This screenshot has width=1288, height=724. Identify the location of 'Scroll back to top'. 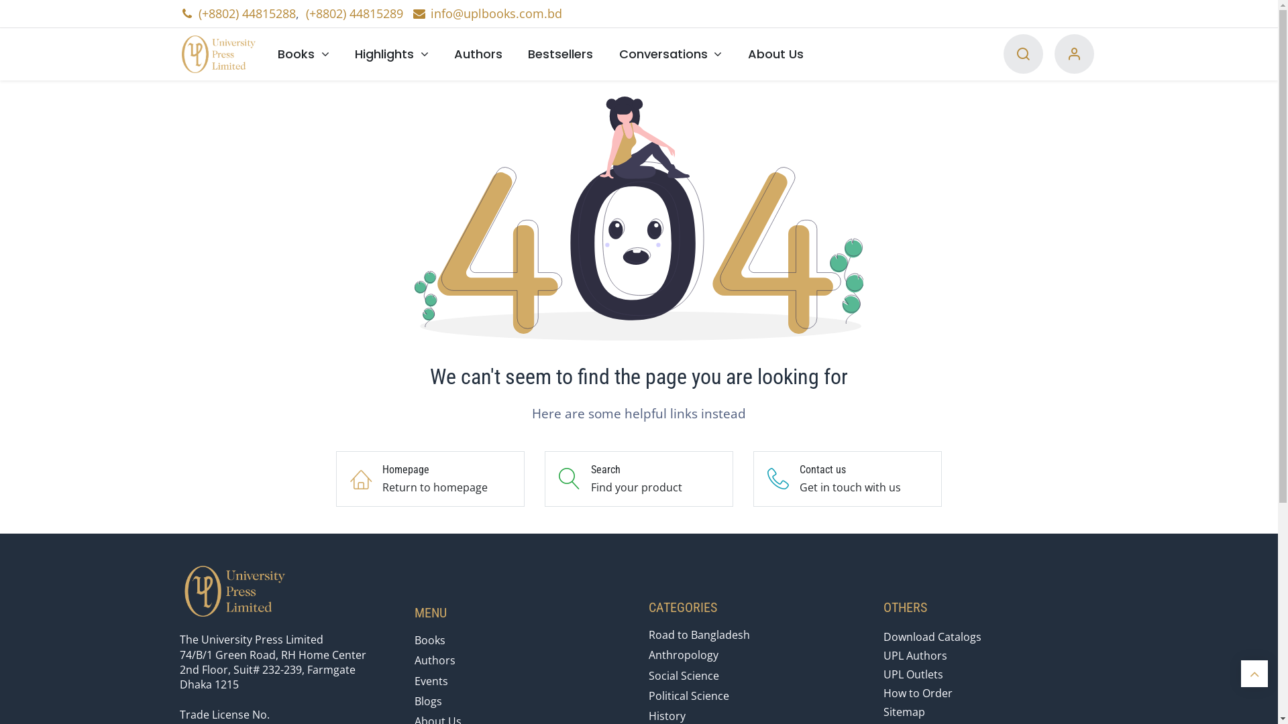
(1254, 674).